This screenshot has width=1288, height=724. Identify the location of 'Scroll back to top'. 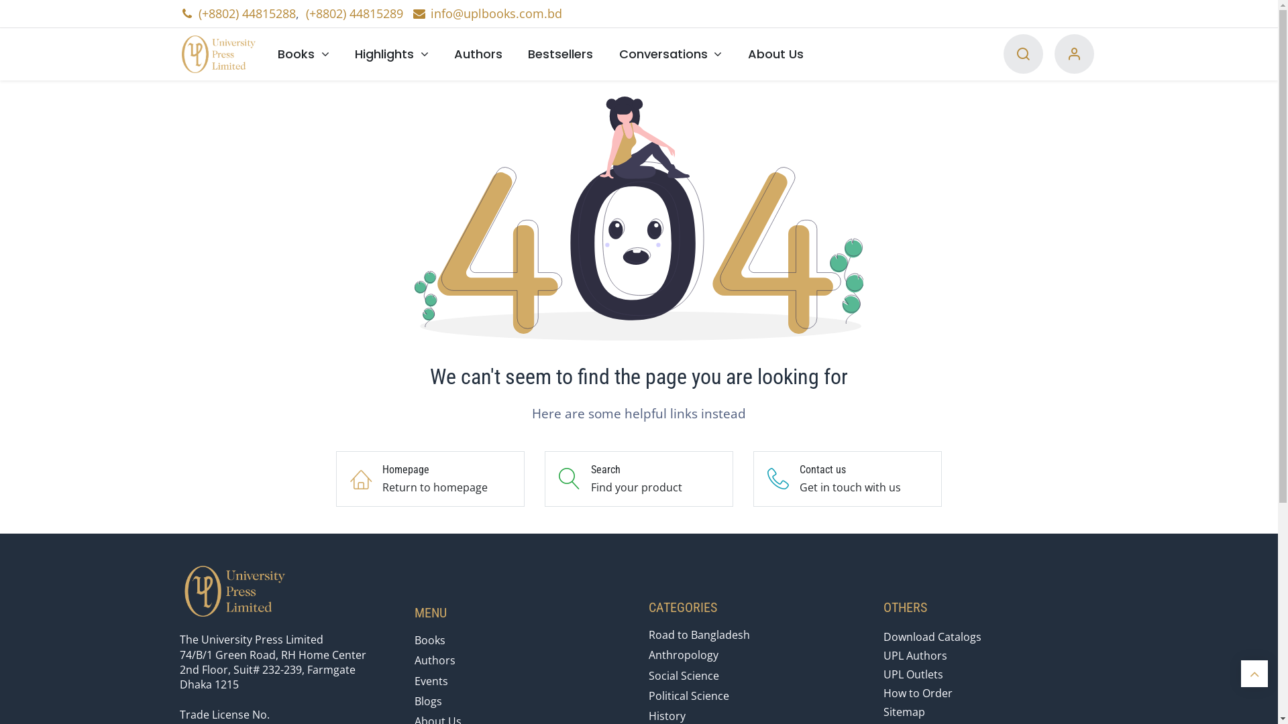
(1254, 674).